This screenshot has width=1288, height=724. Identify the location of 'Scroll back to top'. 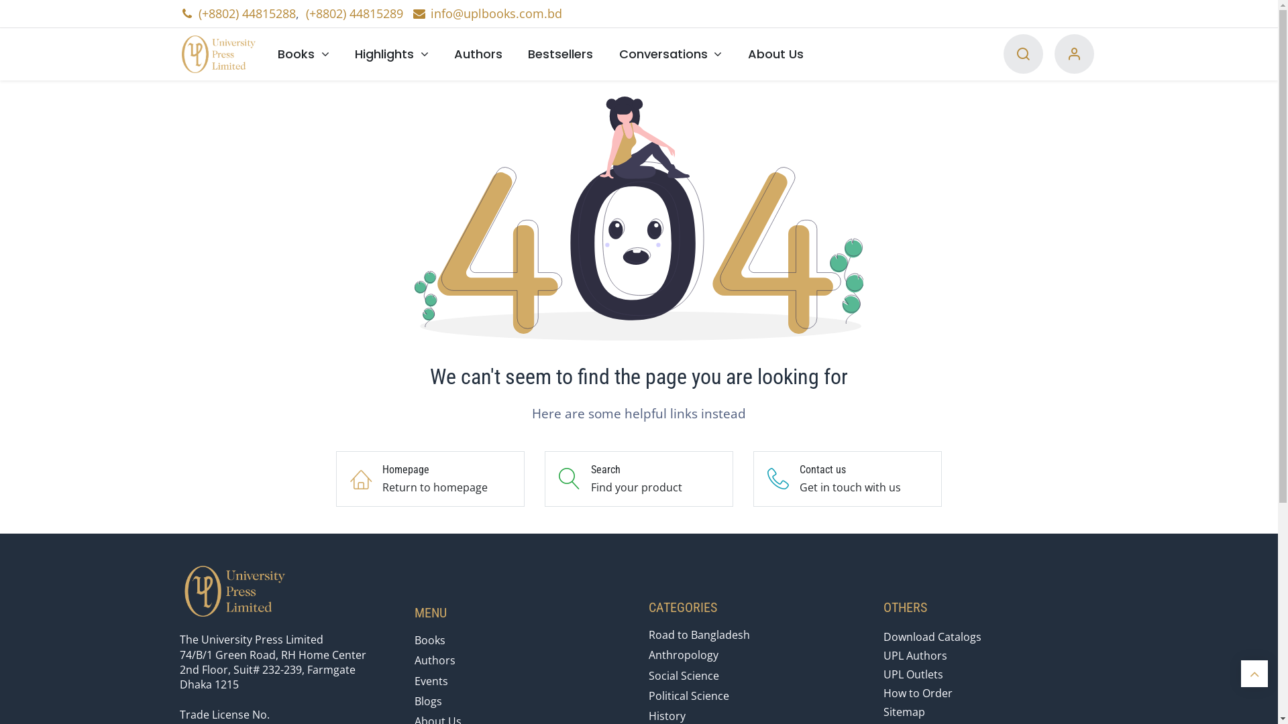
(1254, 674).